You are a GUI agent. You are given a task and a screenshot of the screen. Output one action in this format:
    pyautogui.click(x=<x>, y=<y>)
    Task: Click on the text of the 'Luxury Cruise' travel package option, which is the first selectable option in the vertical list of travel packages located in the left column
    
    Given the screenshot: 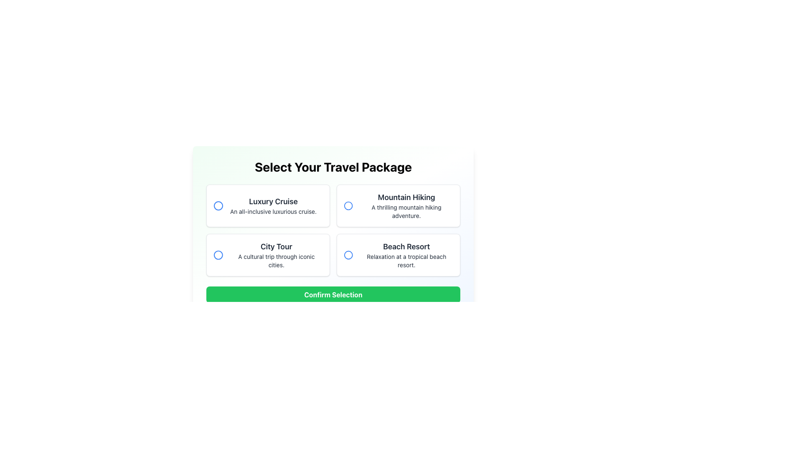 What is the action you would take?
    pyautogui.click(x=273, y=206)
    